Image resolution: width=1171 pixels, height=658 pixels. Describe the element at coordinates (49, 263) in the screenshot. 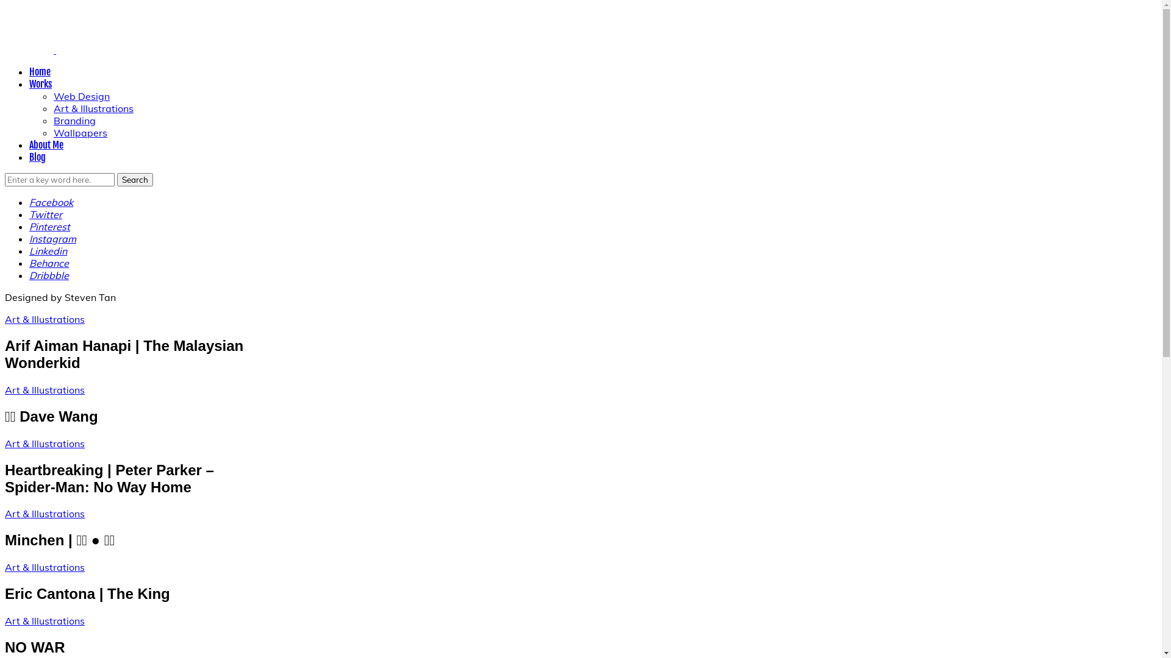

I see `'Behance'` at that location.